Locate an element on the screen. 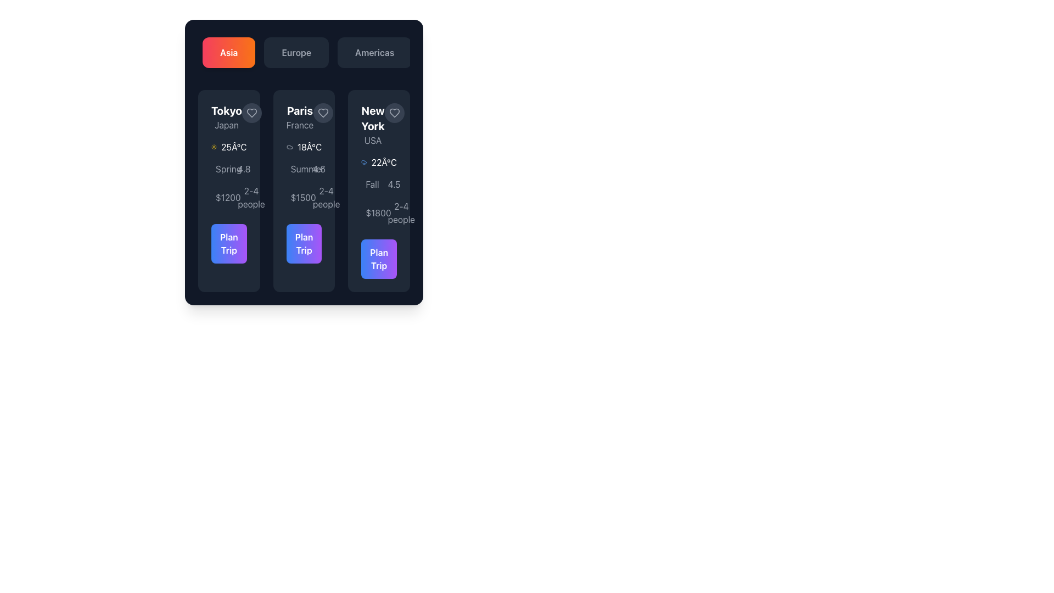 Image resolution: width=1054 pixels, height=593 pixels. numeric rating text displayed in the third card under the 'Fall' label, aligned rightmost above the '$1800 2-4 people' text is located at coordinates (394, 183).